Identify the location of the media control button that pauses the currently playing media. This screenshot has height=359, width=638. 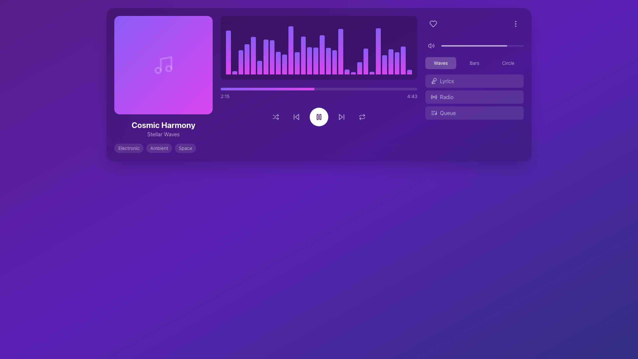
(319, 116).